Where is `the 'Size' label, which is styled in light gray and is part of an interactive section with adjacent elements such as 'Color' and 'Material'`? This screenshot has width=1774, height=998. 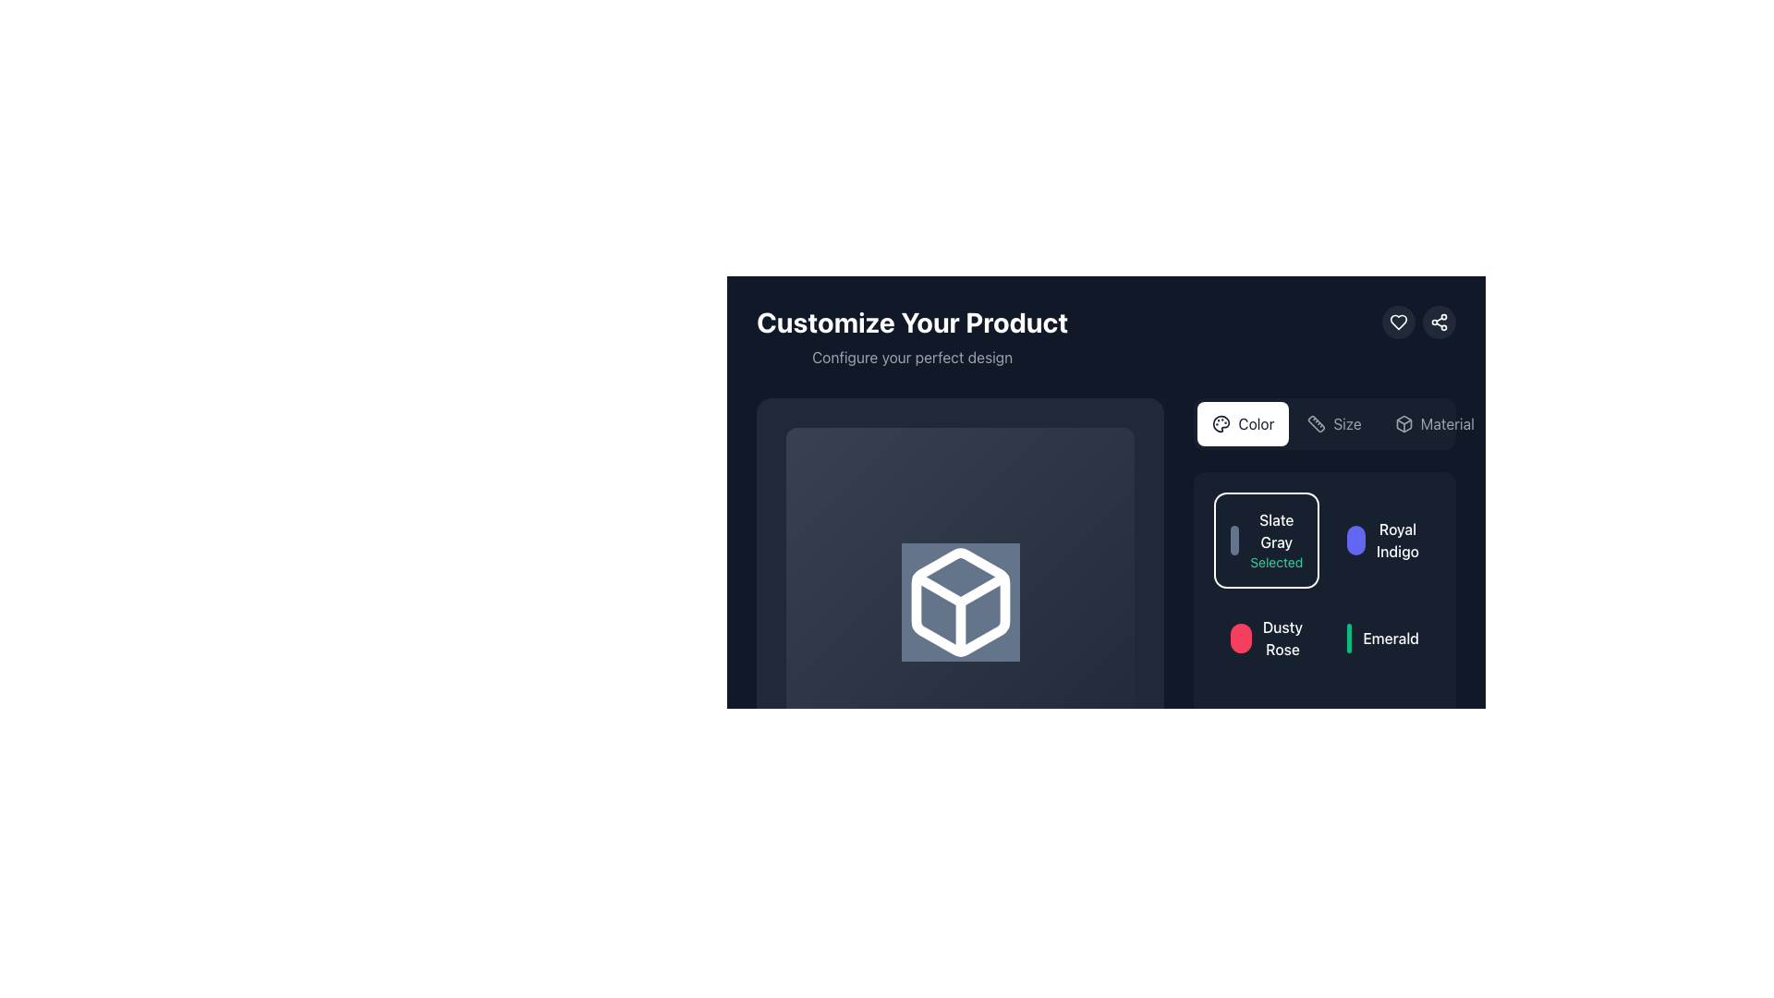 the 'Size' label, which is styled in light gray and is part of an interactive section with adjacent elements such as 'Color' and 'Material' is located at coordinates (1347, 424).